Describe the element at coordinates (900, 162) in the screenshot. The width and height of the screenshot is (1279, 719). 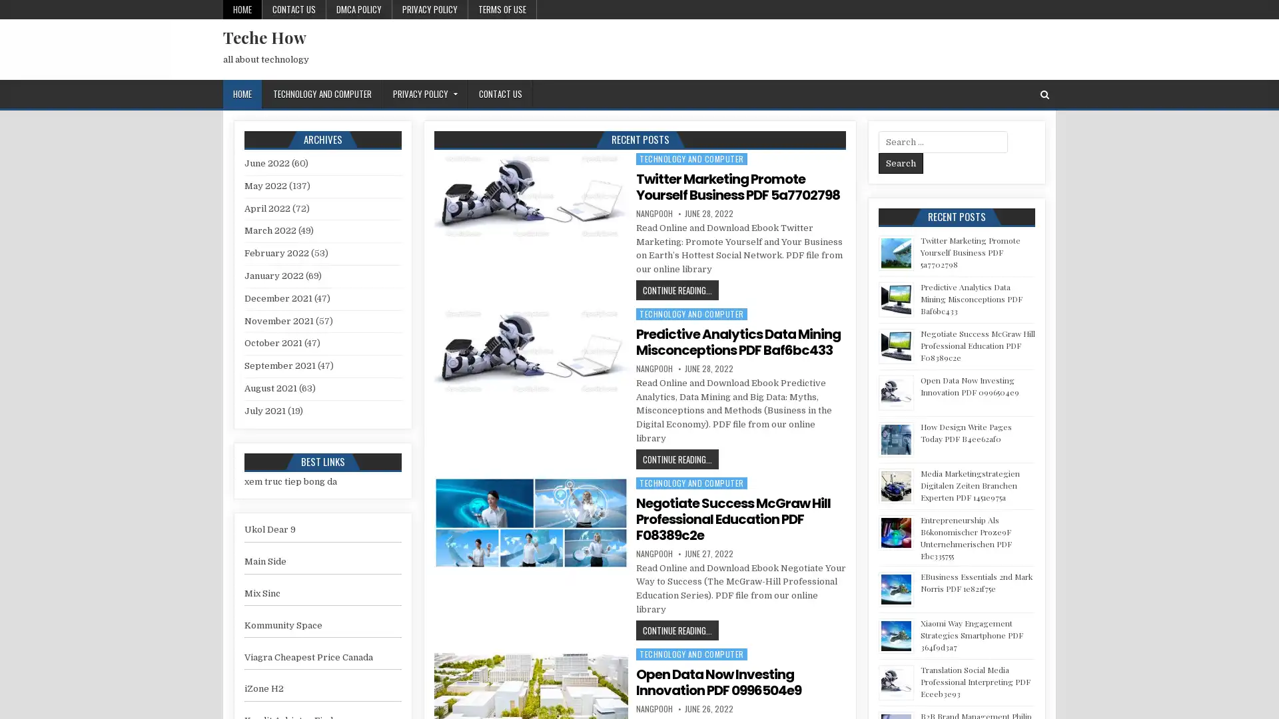
I see `Search` at that location.